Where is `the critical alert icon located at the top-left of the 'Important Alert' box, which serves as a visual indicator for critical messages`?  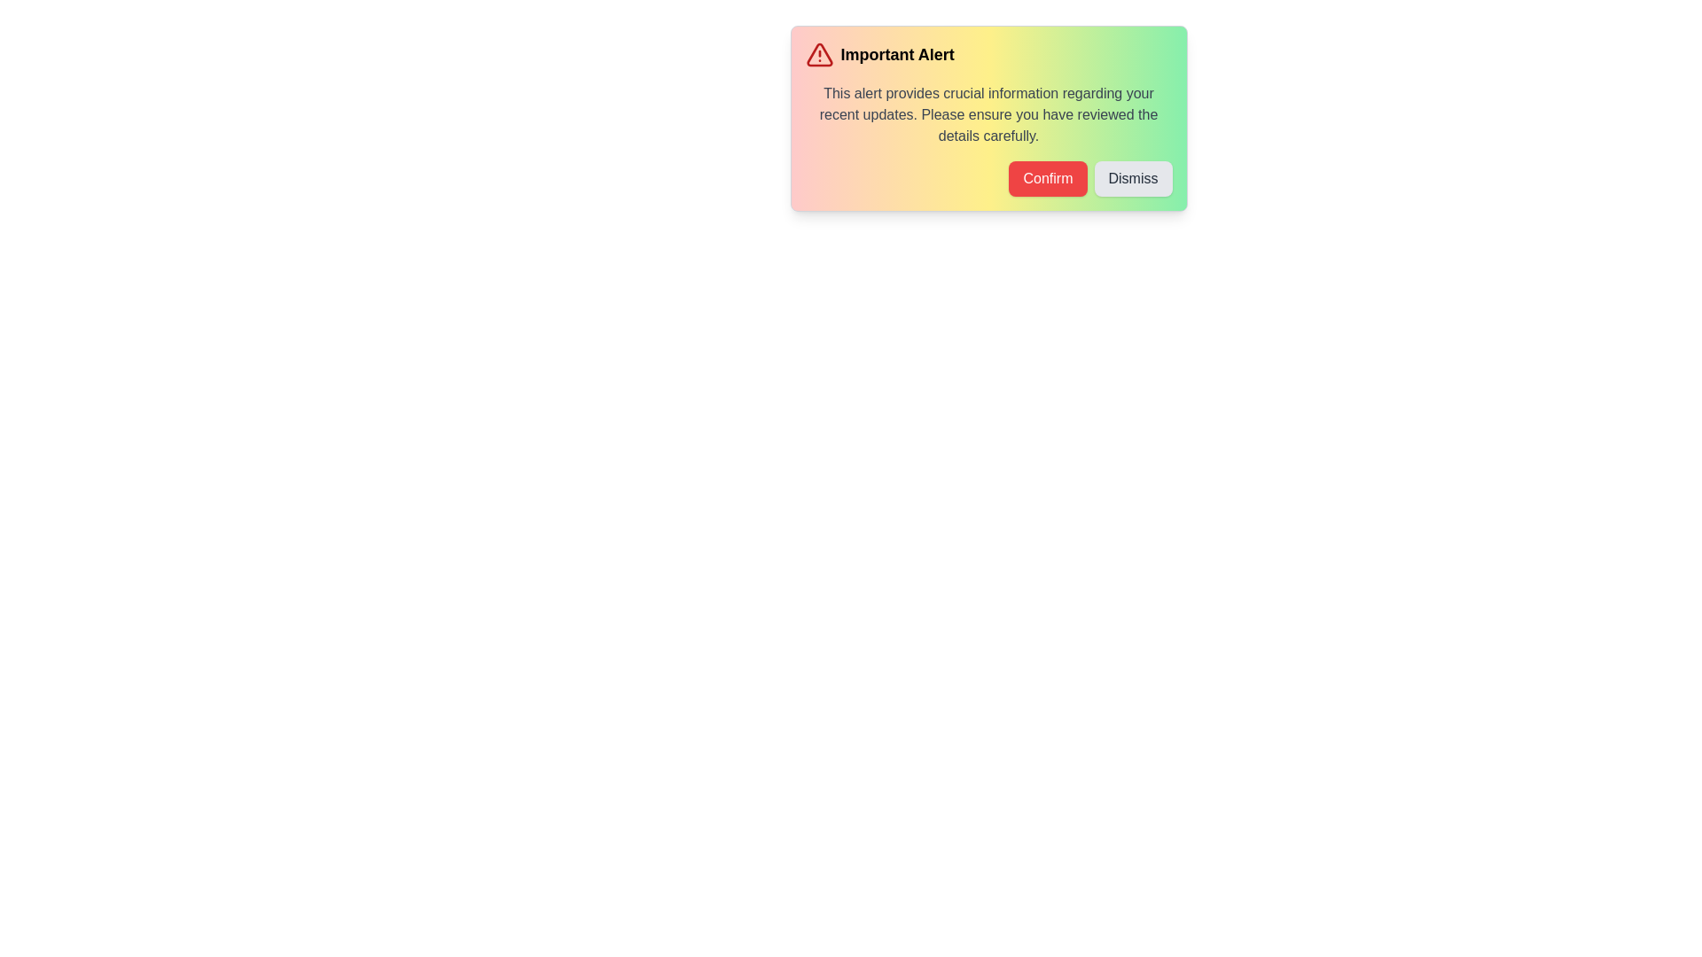
the critical alert icon located at the top-left of the 'Important Alert' box, which serves as a visual indicator for critical messages is located at coordinates (818, 53).